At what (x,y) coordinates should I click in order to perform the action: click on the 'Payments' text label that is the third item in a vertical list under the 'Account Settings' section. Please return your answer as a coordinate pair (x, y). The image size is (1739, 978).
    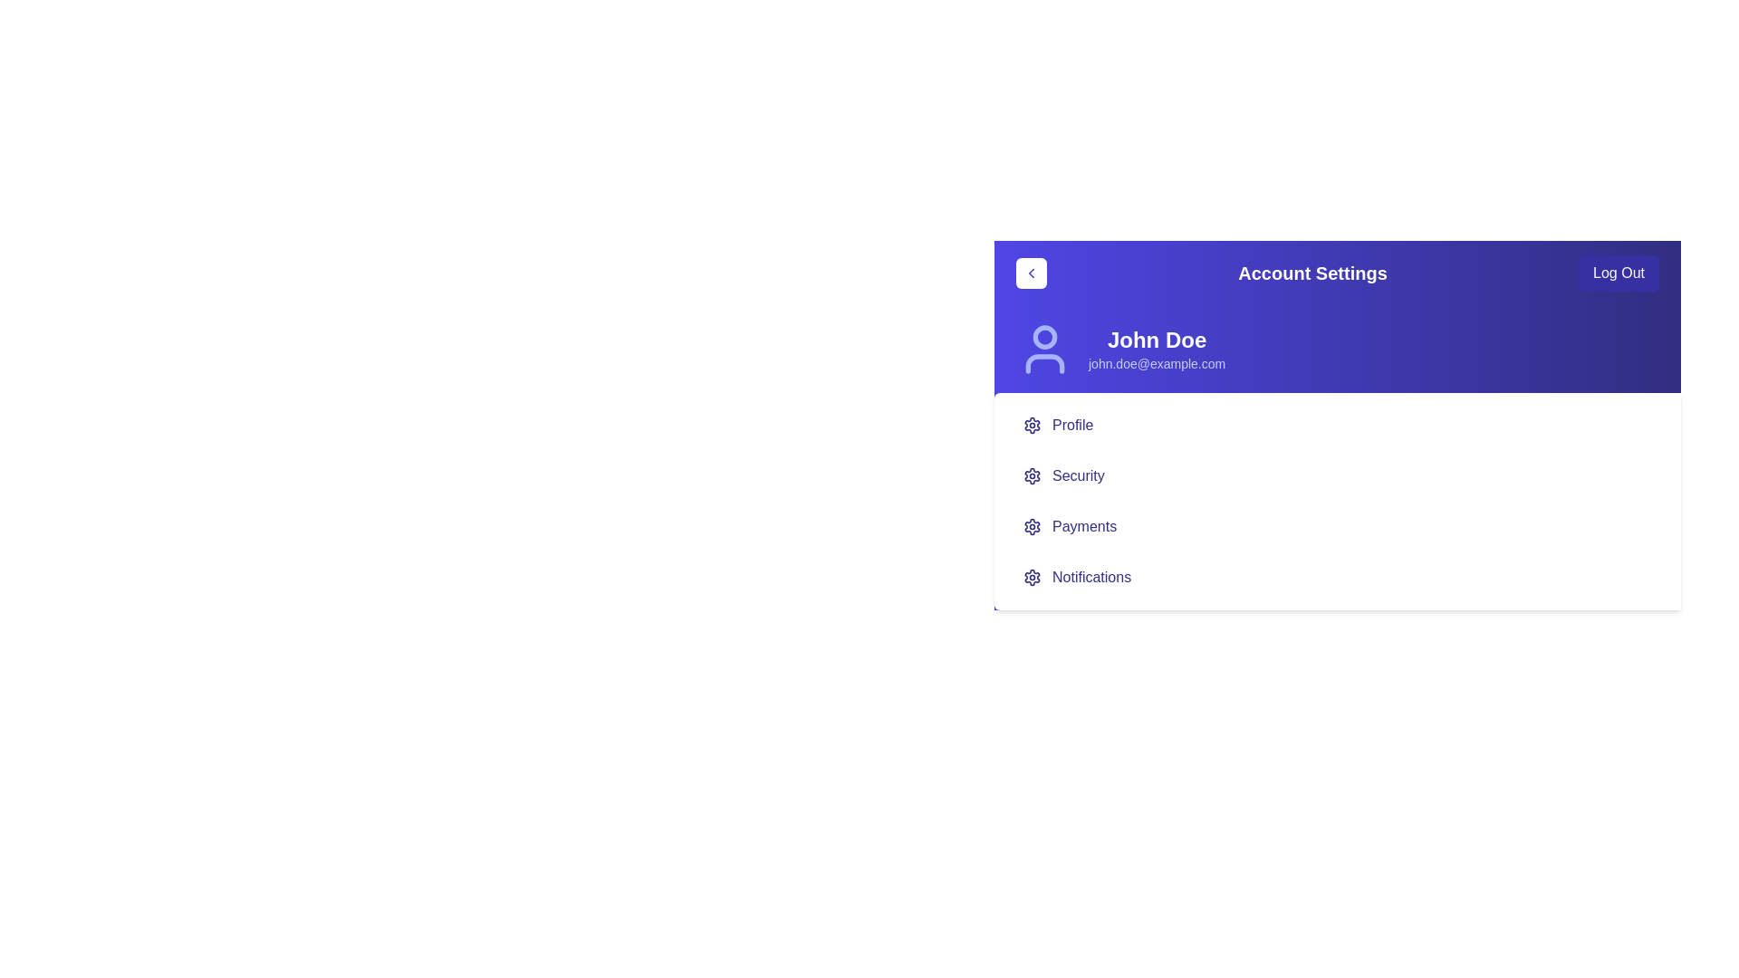
    Looking at the image, I should click on (1084, 527).